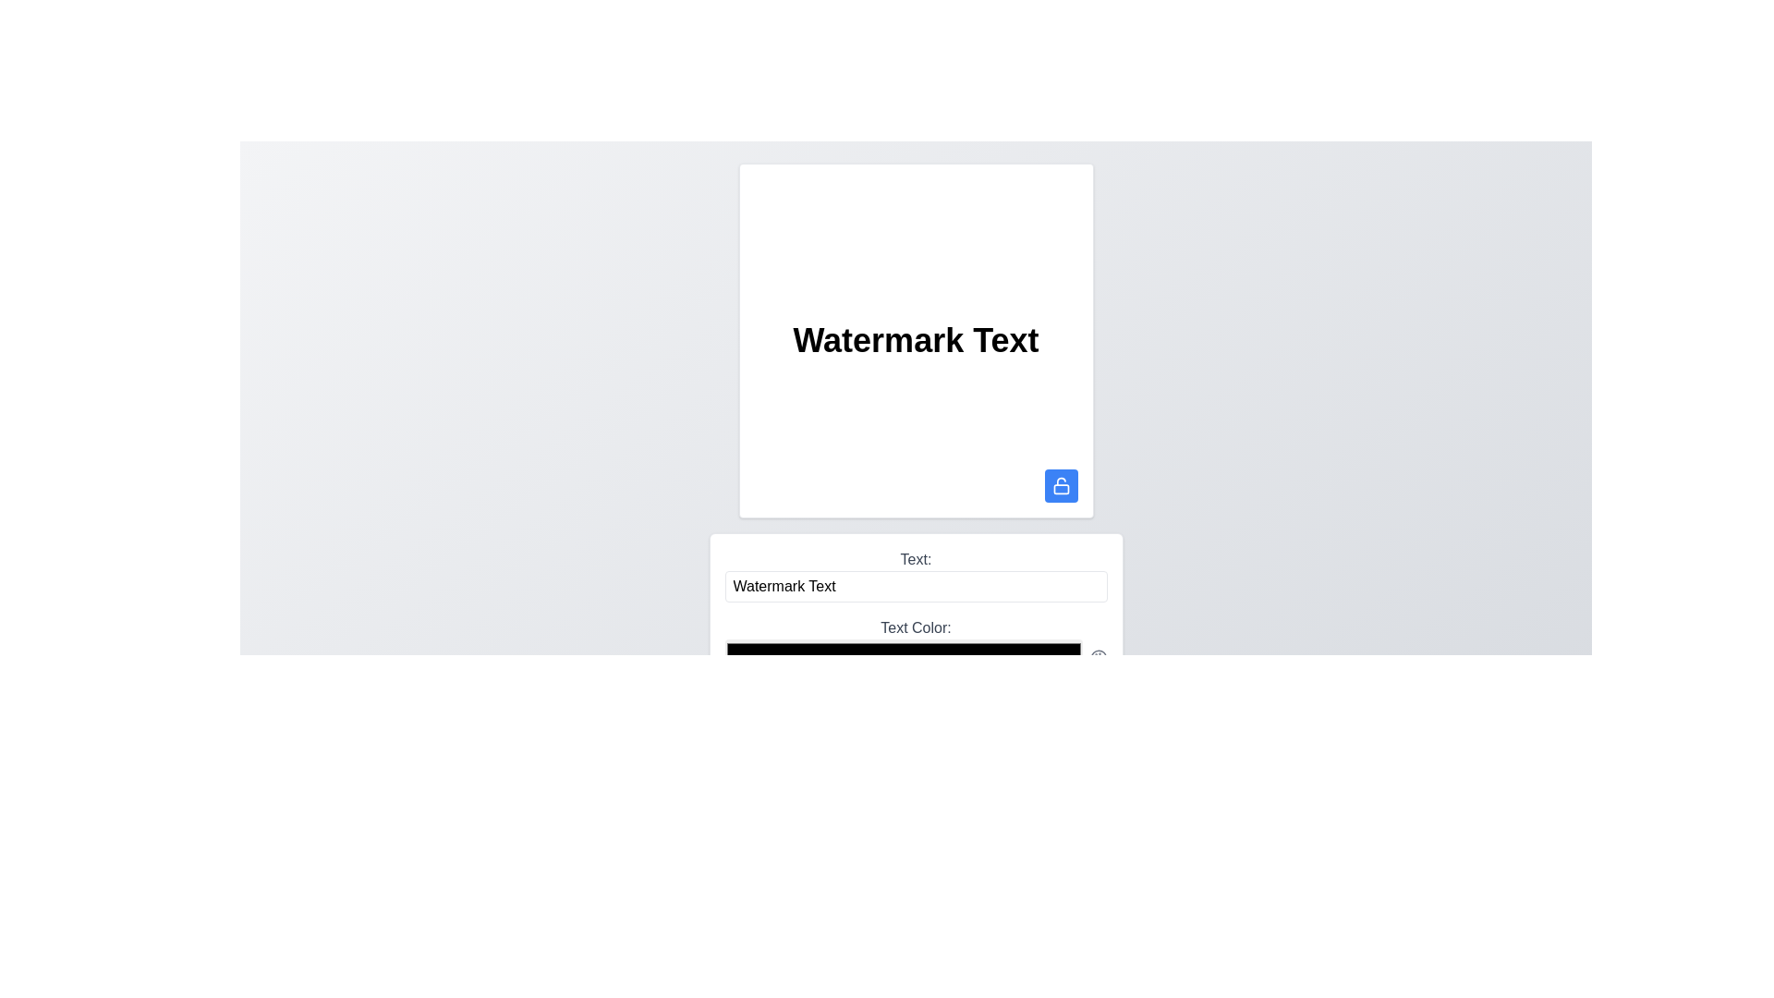 The width and height of the screenshot is (1774, 998). What do you see at coordinates (1061, 484) in the screenshot?
I see `the button located at the bottom-right corner of the 'Watermark Text' section` at bounding box center [1061, 484].